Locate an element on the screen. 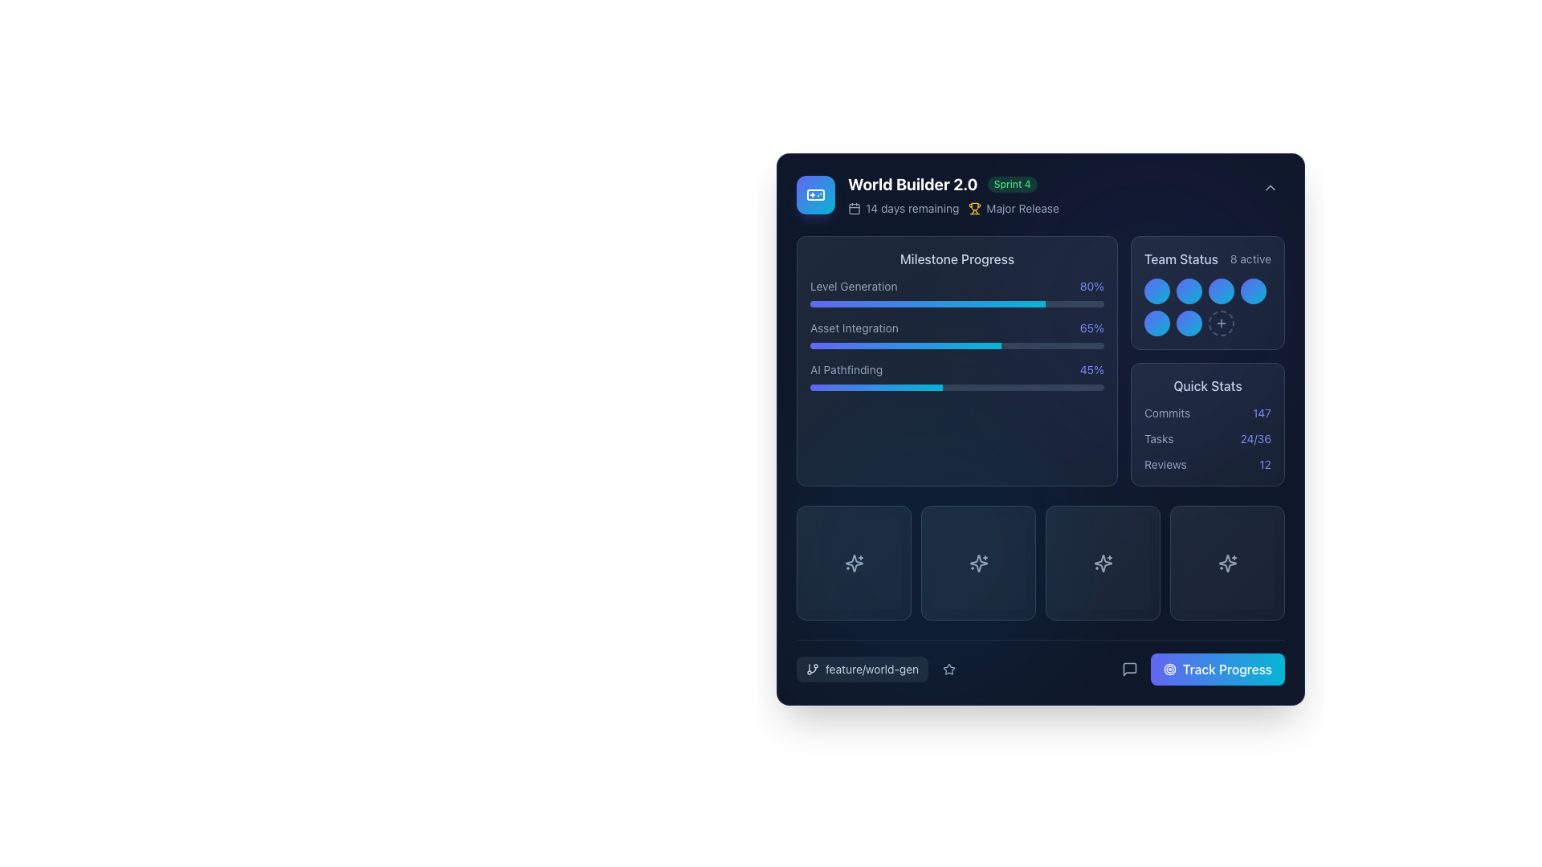 This screenshot has width=1542, height=867. horizontal progress bar labeled 'AI Pathfinding' which shows a gradient from indigo to cyan and is located under the 'Milestone Progress' section is located at coordinates (957, 387).